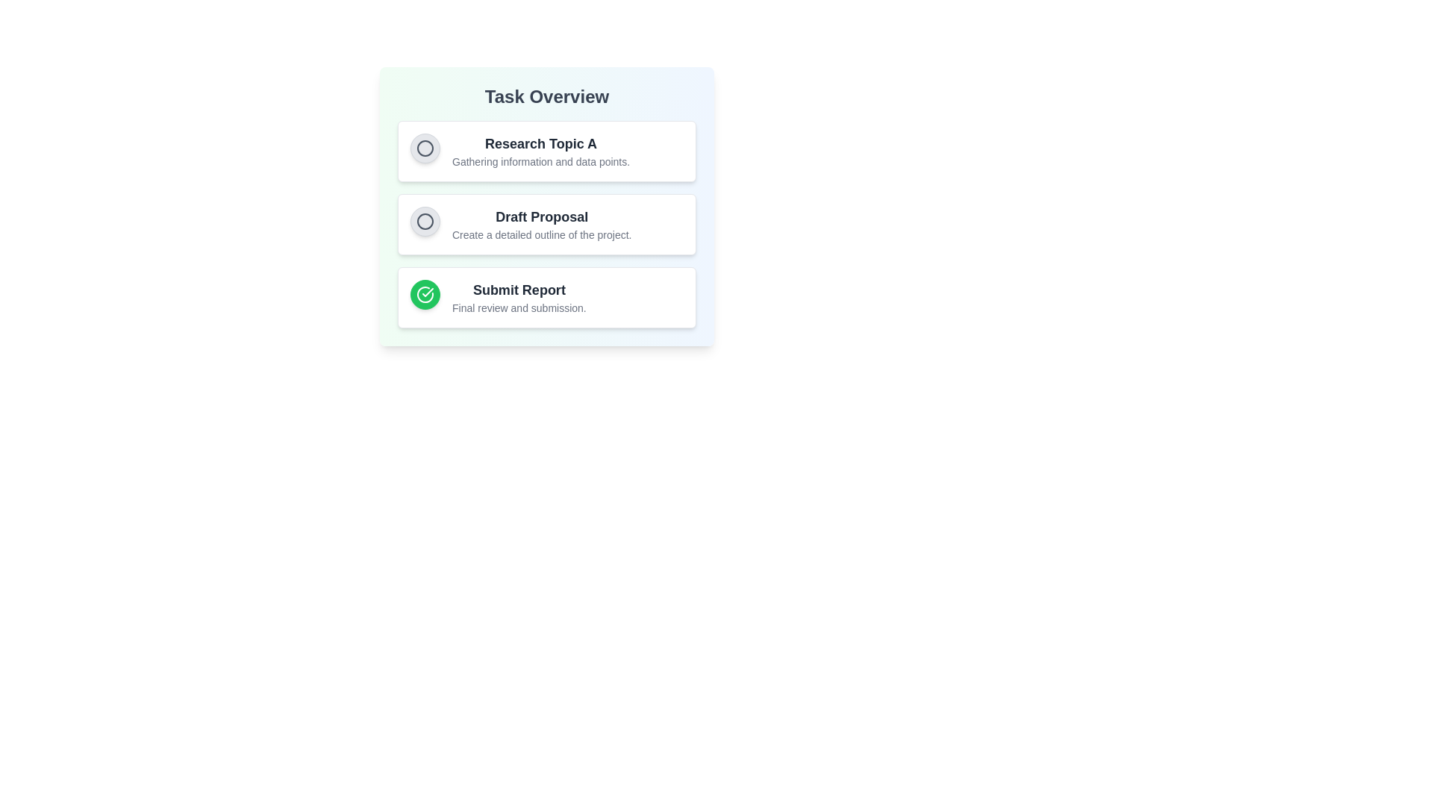 The width and height of the screenshot is (1433, 806). Describe the element at coordinates (425, 149) in the screenshot. I see `the circular icon with a hollow center and dark gray border, indicating an inactive state, located to the left of 'Research Topic A' in the task list` at that location.